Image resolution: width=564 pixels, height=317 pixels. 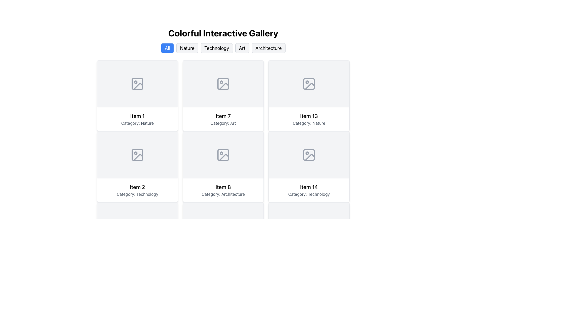 What do you see at coordinates (308, 187) in the screenshot?
I see `the bold text label displaying 'Item 14', which is centered above a smaller text in a card-like layout` at bounding box center [308, 187].